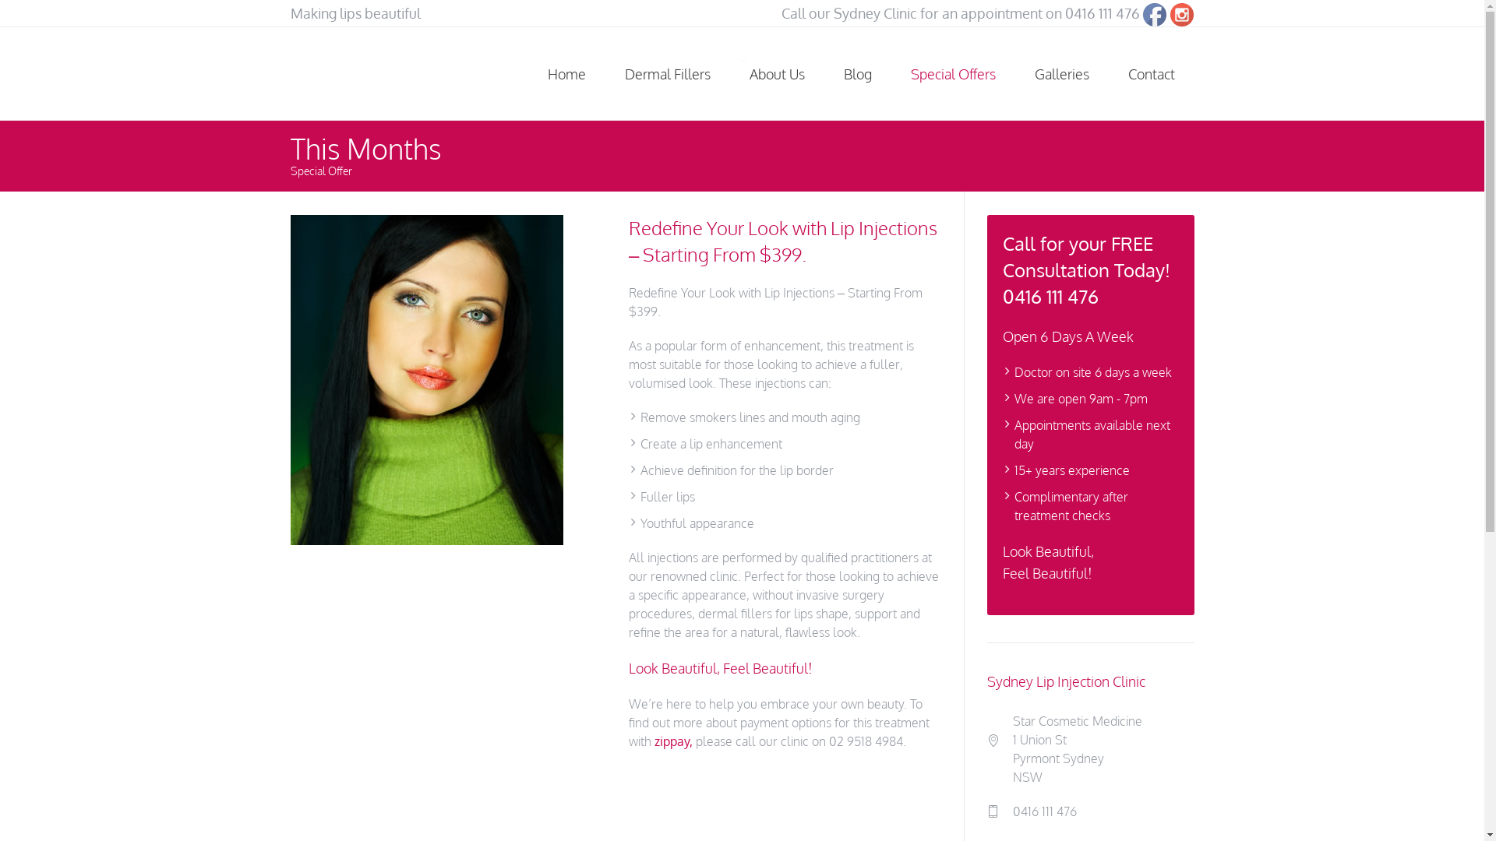 The image size is (1496, 841). Describe the element at coordinates (1151, 74) in the screenshot. I see `'Contact'` at that location.